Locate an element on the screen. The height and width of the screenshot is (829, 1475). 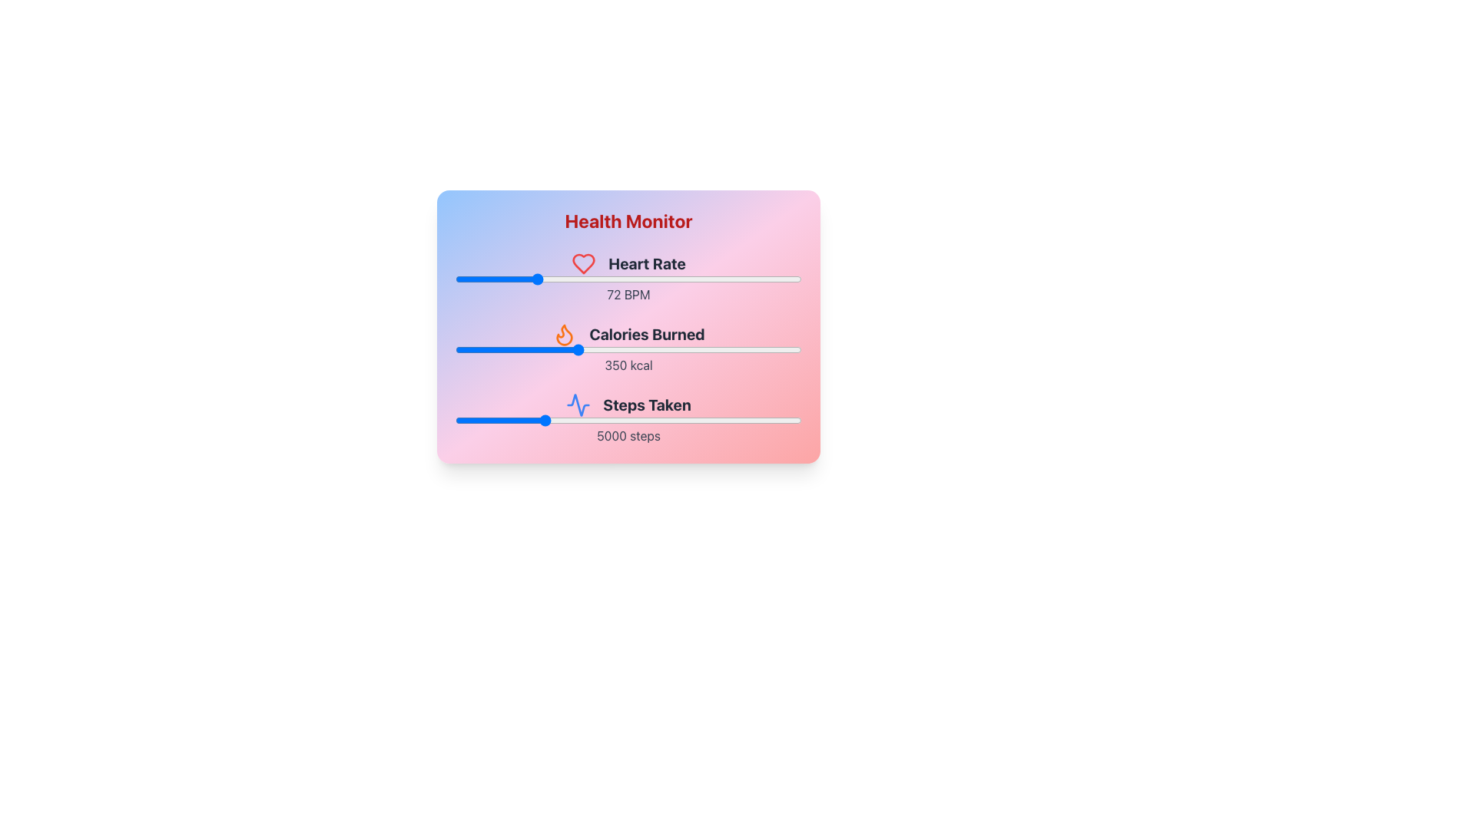
the 'Steps Taken' header with the wave-shaped icon, which is positioned above the step count of '5000 steps' in the health monitor card is located at coordinates (628, 405).